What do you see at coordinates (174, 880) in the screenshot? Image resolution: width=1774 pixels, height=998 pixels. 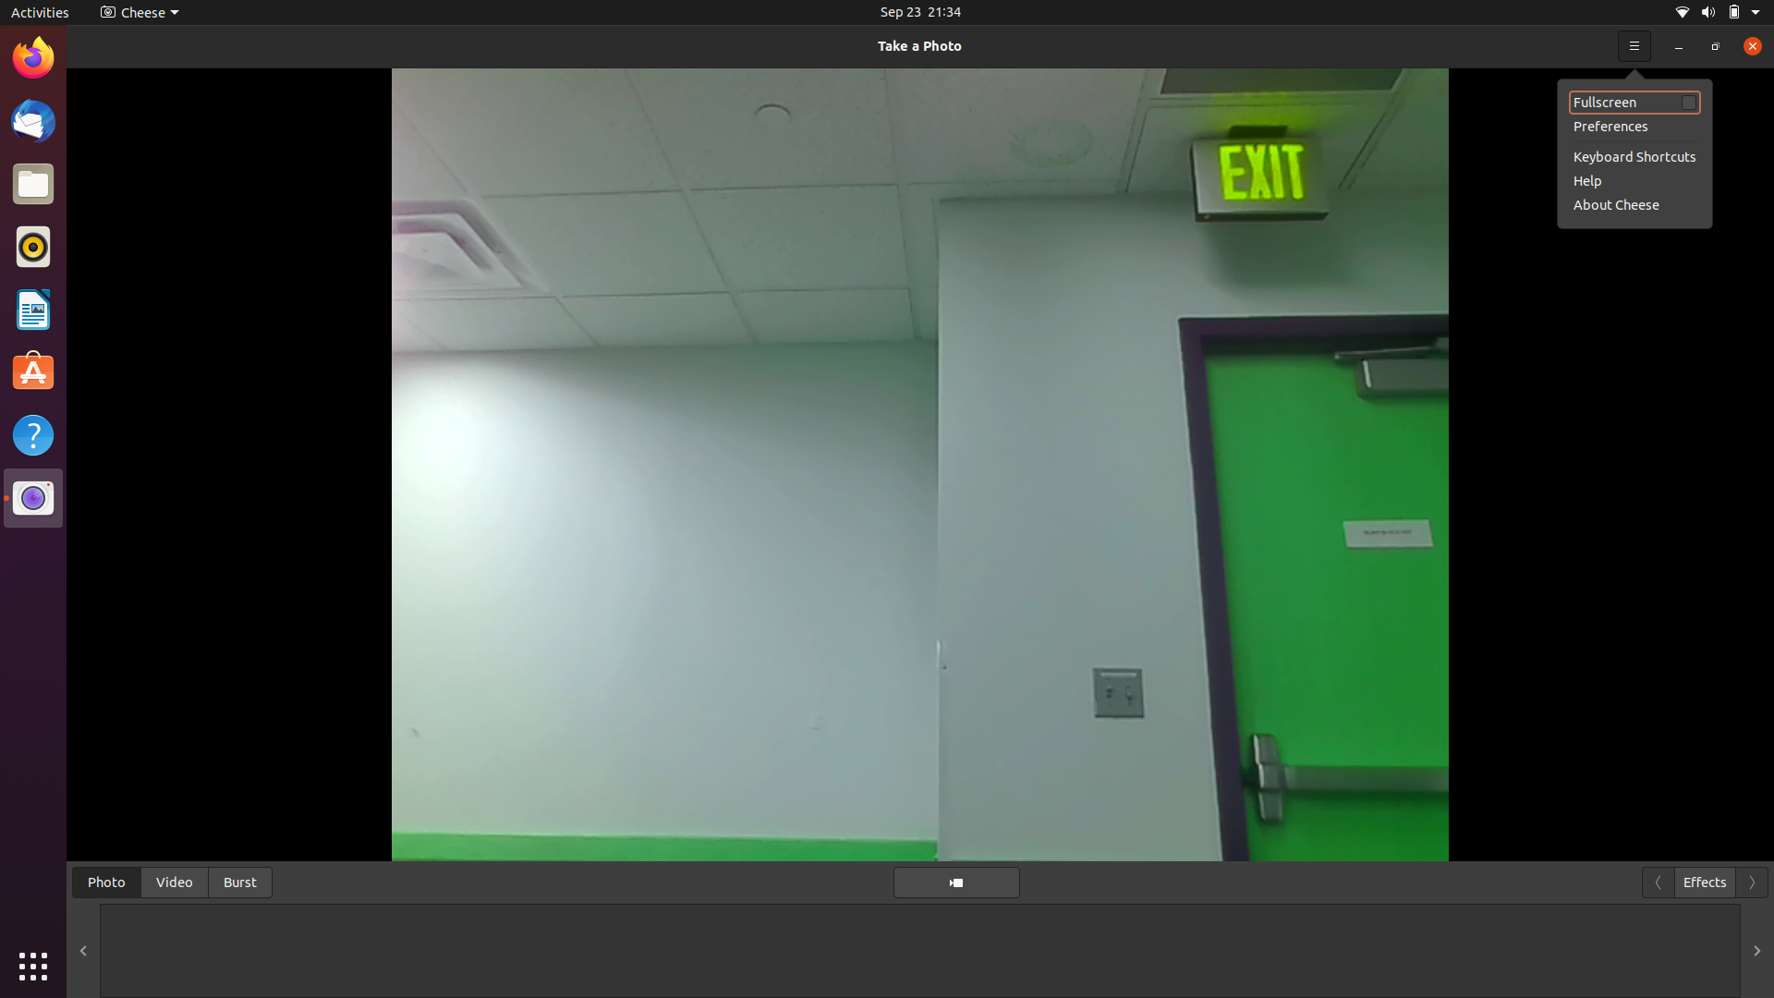 I see `Switch to video and start capturing video` at bounding box center [174, 880].